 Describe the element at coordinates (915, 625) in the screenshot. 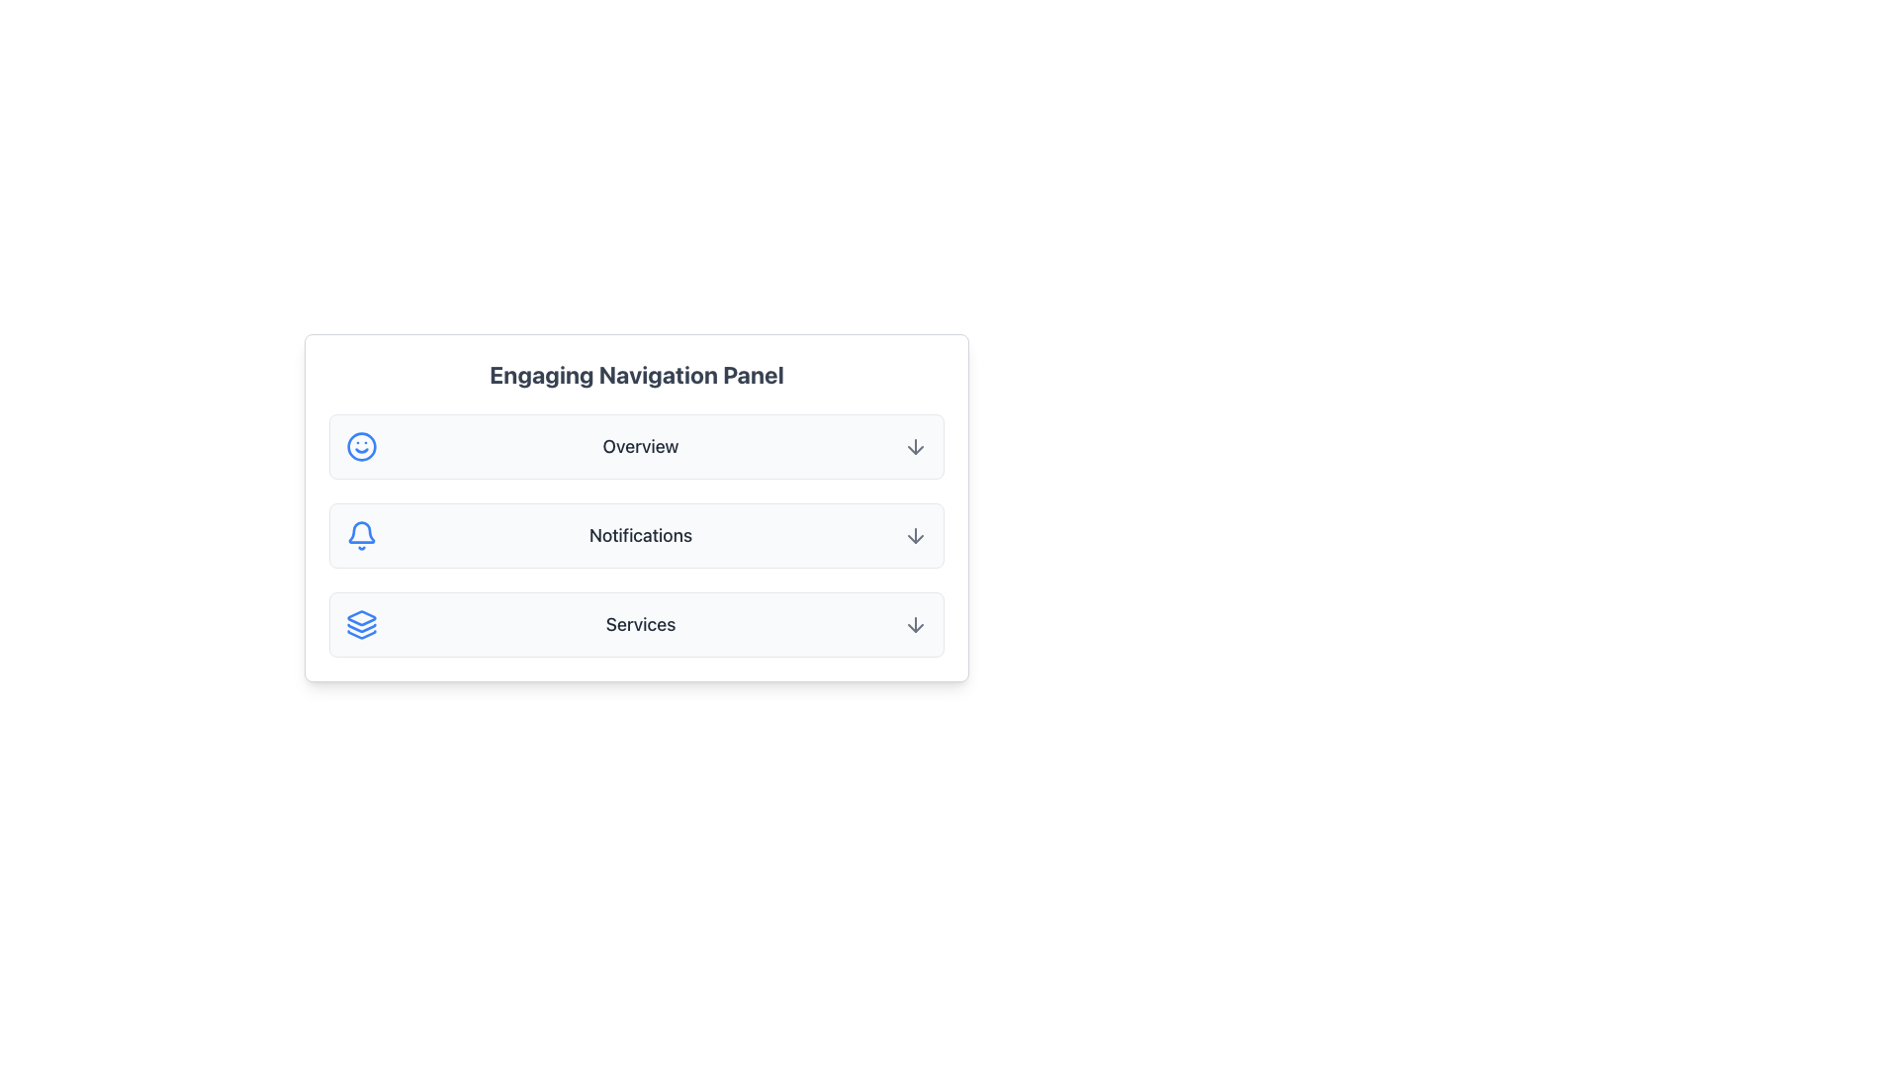

I see `the downward arrow icon in the 'Services' section for more details` at that location.